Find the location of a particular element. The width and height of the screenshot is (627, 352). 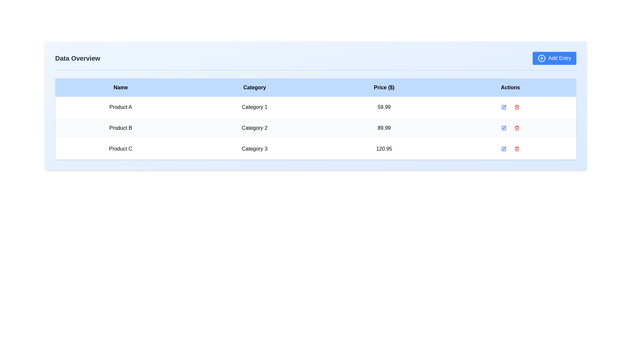

the blue outline pen icon located in the 'Actions' column of the first row of the data table to indicate its interactivity is located at coordinates (503, 107).